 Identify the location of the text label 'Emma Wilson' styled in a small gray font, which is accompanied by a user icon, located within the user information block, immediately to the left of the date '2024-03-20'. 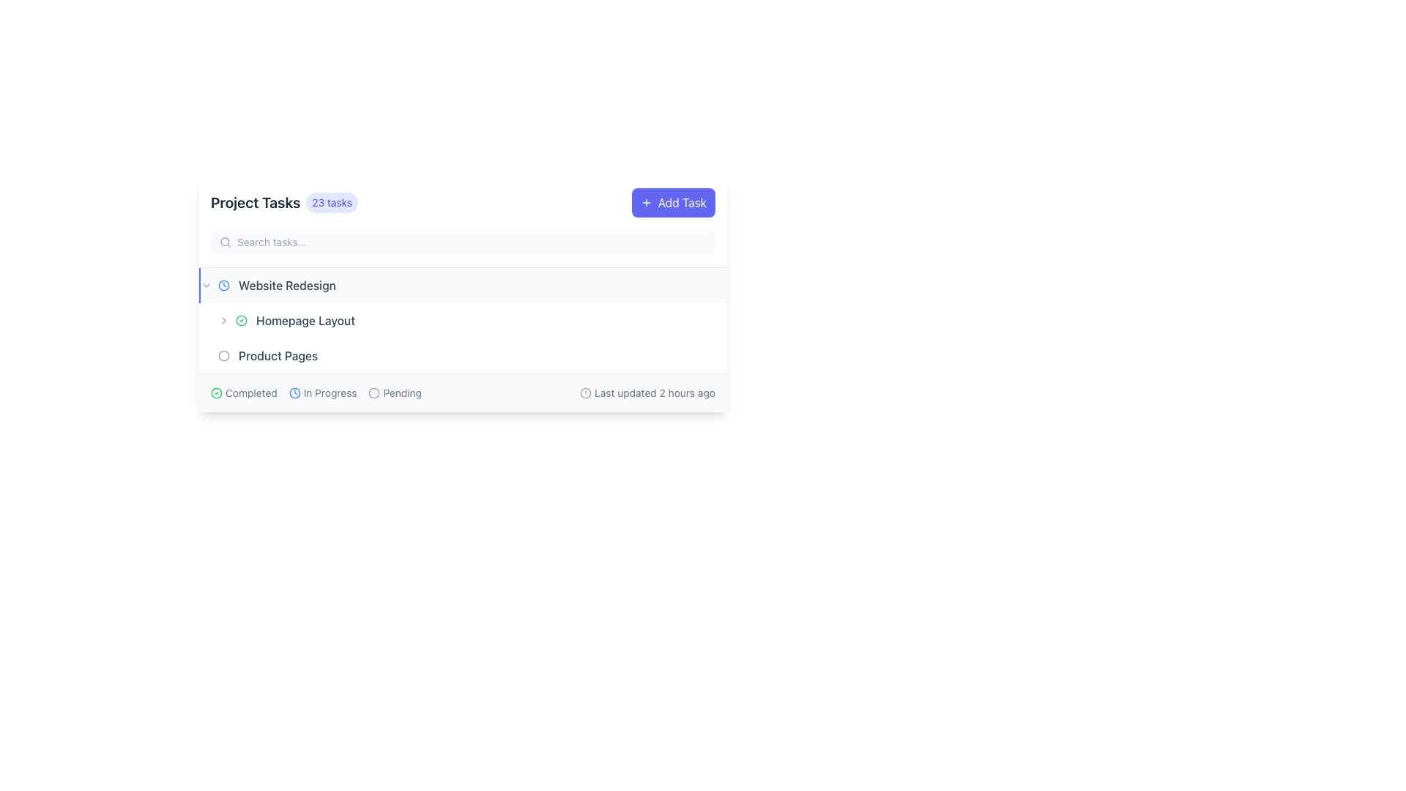
(540, 356).